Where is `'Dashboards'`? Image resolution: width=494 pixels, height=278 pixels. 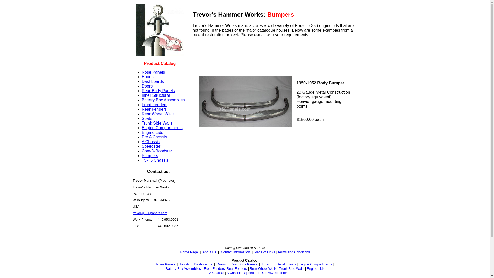
'Dashboards' is located at coordinates (202, 264).